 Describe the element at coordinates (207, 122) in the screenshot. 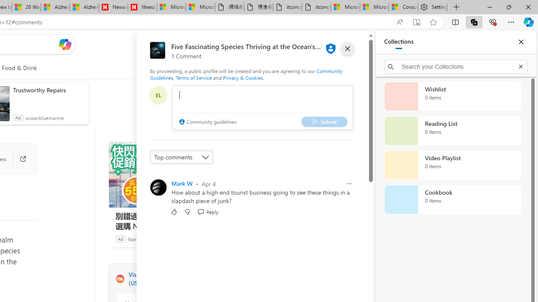

I see `'Community guidelines'` at that location.